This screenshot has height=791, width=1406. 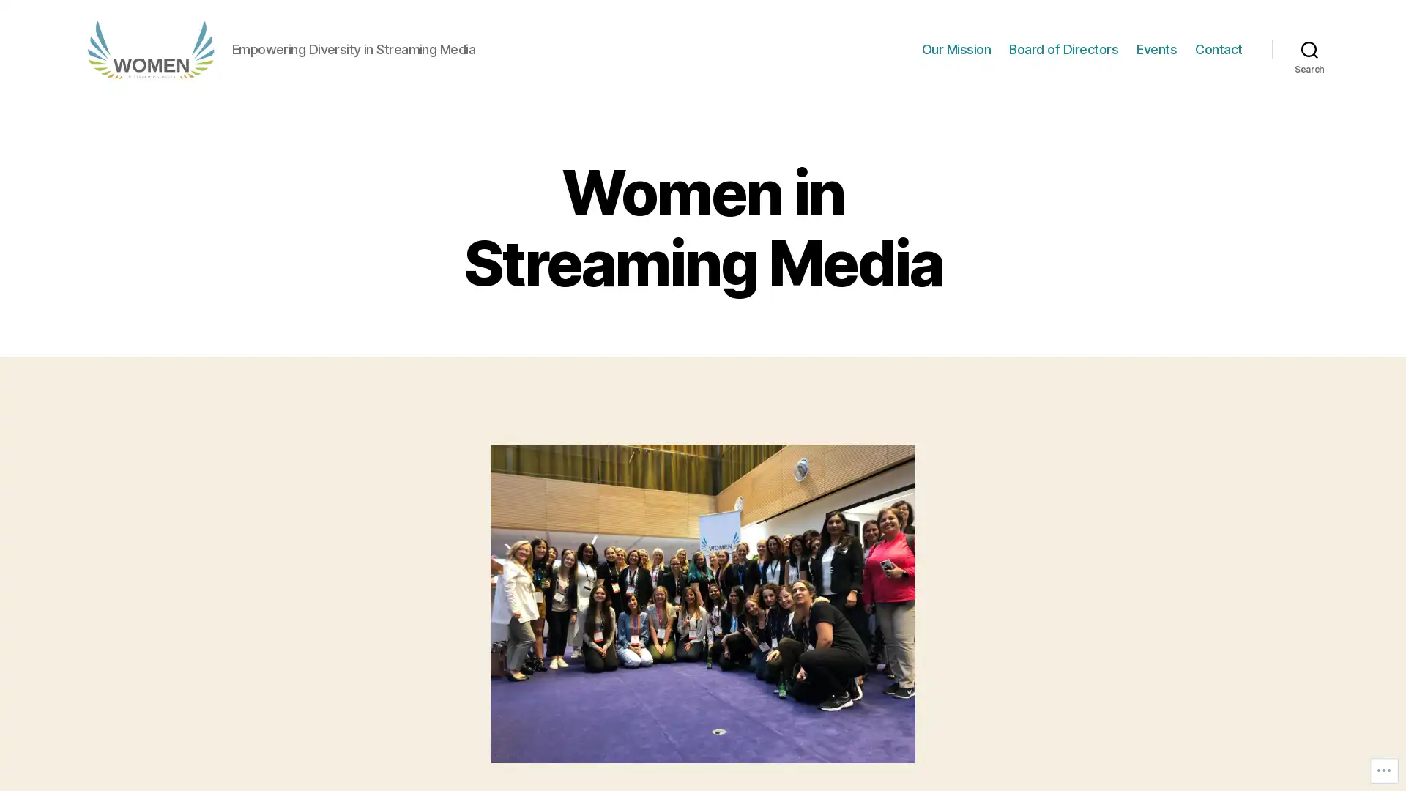 What do you see at coordinates (1309, 52) in the screenshot?
I see `Search` at bounding box center [1309, 52].